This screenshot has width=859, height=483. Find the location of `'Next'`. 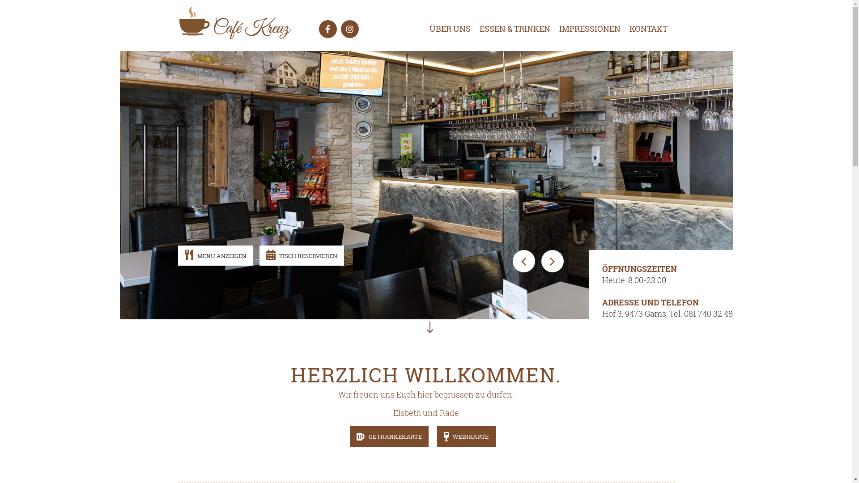

'Next' is located at coordinates (540, 261).